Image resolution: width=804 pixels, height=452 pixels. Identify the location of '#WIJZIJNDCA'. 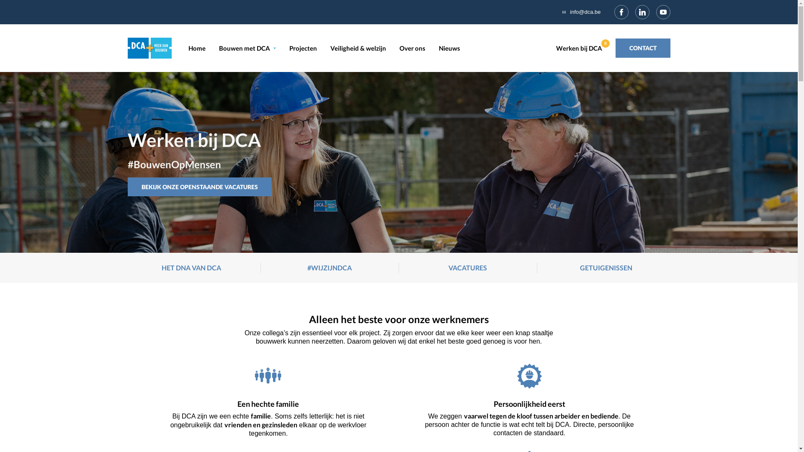
(329, 268).